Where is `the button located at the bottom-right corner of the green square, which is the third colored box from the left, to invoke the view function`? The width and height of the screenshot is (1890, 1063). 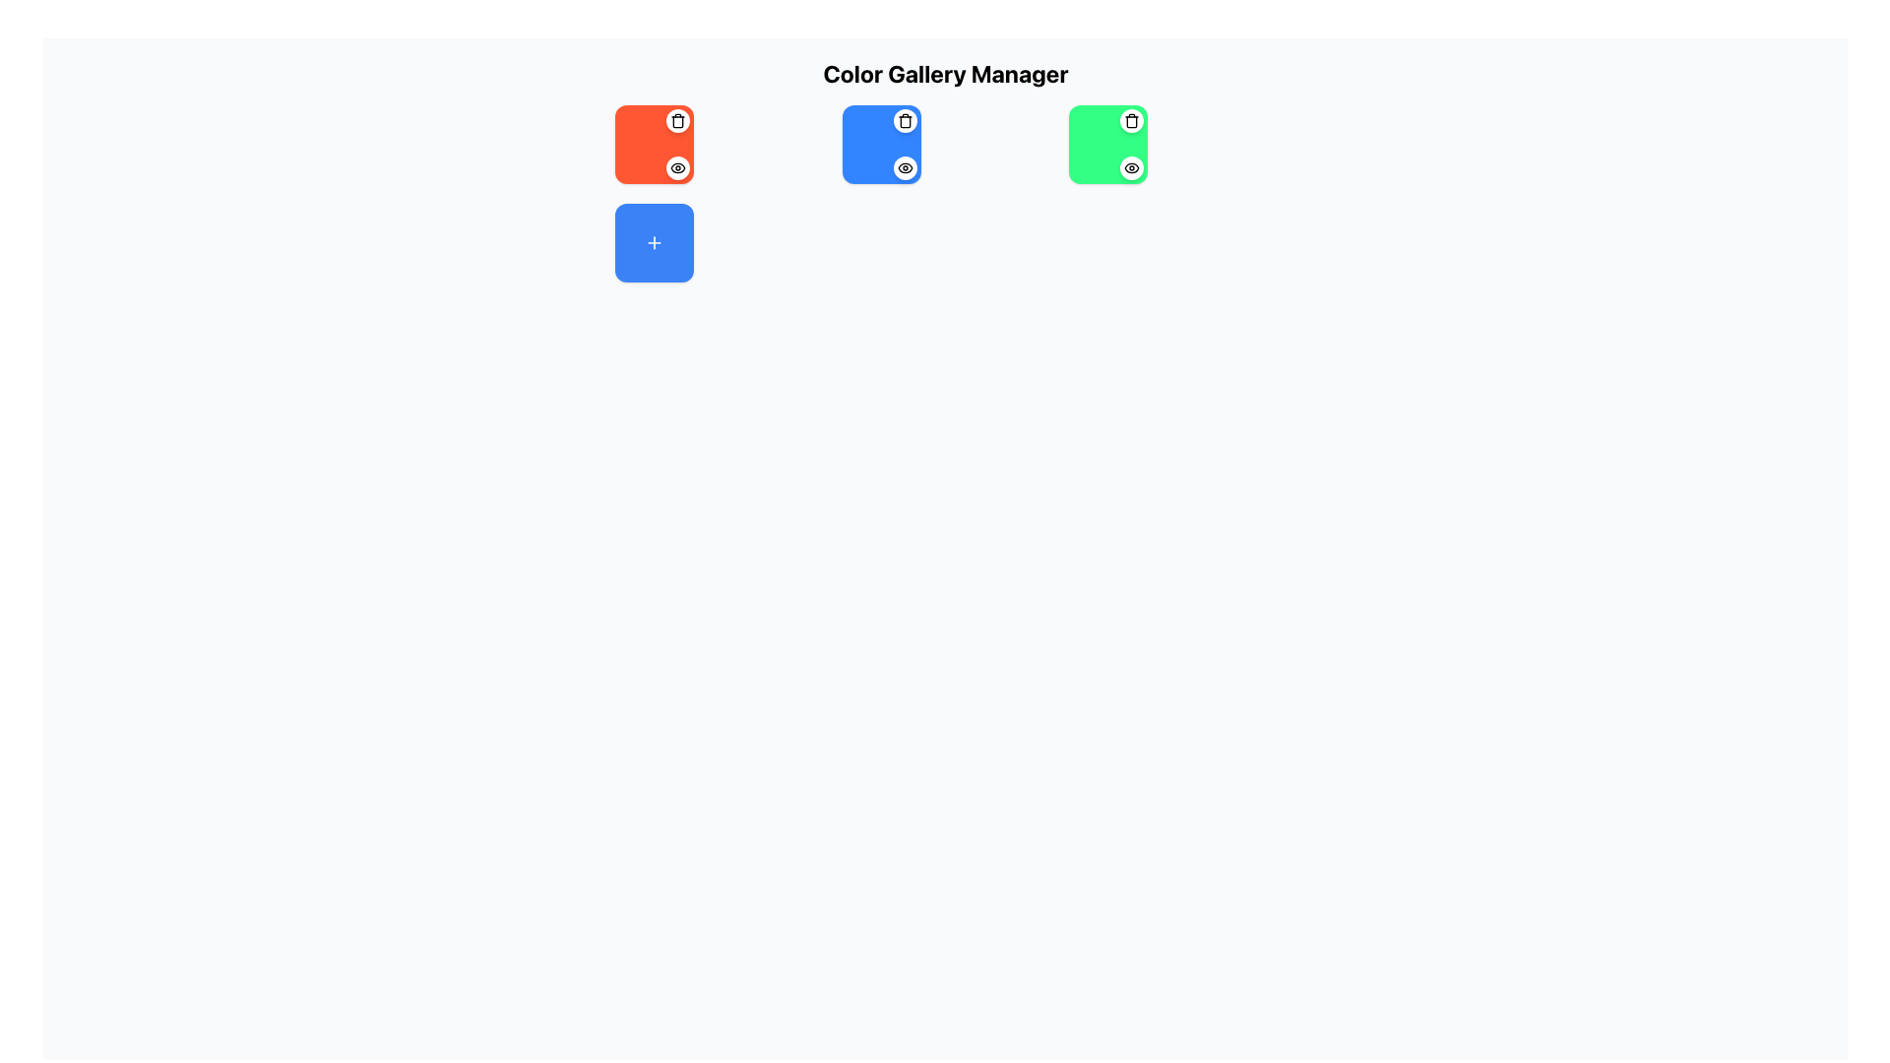 the button located at the bottom-right corner of the green square, which is the third colored box from the left, to invoke the view function is located at coordinates (1132, 166).